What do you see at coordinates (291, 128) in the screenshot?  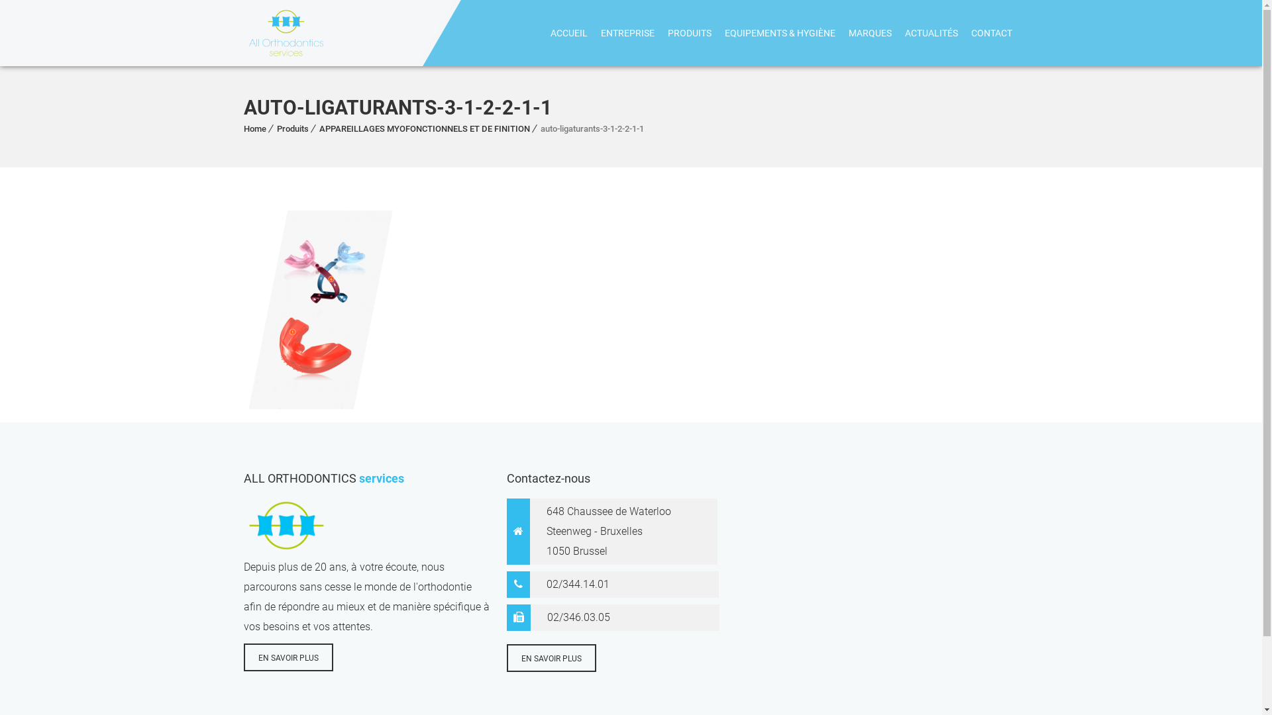 I see `'Produits'` at bounding box center [291, 128].